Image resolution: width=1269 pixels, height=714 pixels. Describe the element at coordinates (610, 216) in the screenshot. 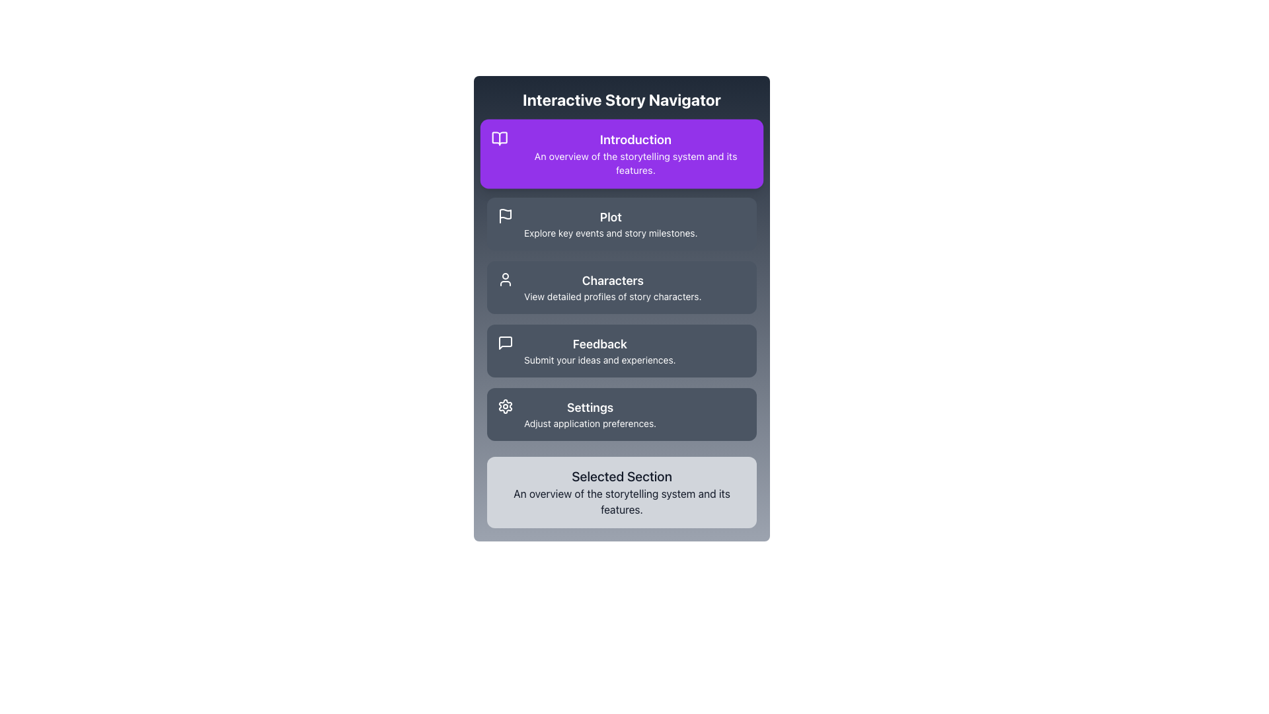

I see `the Text label that serves as the title for the 'Plot' section, indicating the primary subject or feature of this segment` at that location.